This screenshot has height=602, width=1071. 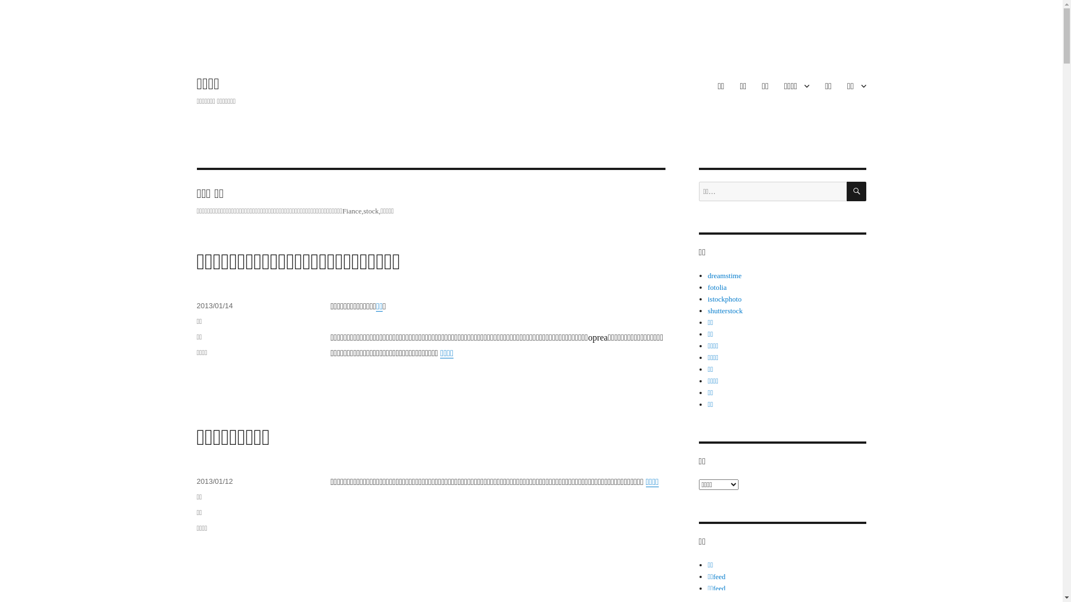 What do you see at coordinates (214, 305) in the screenshot?
I see `'2013/01/14'` at bounding box center [214, 305].